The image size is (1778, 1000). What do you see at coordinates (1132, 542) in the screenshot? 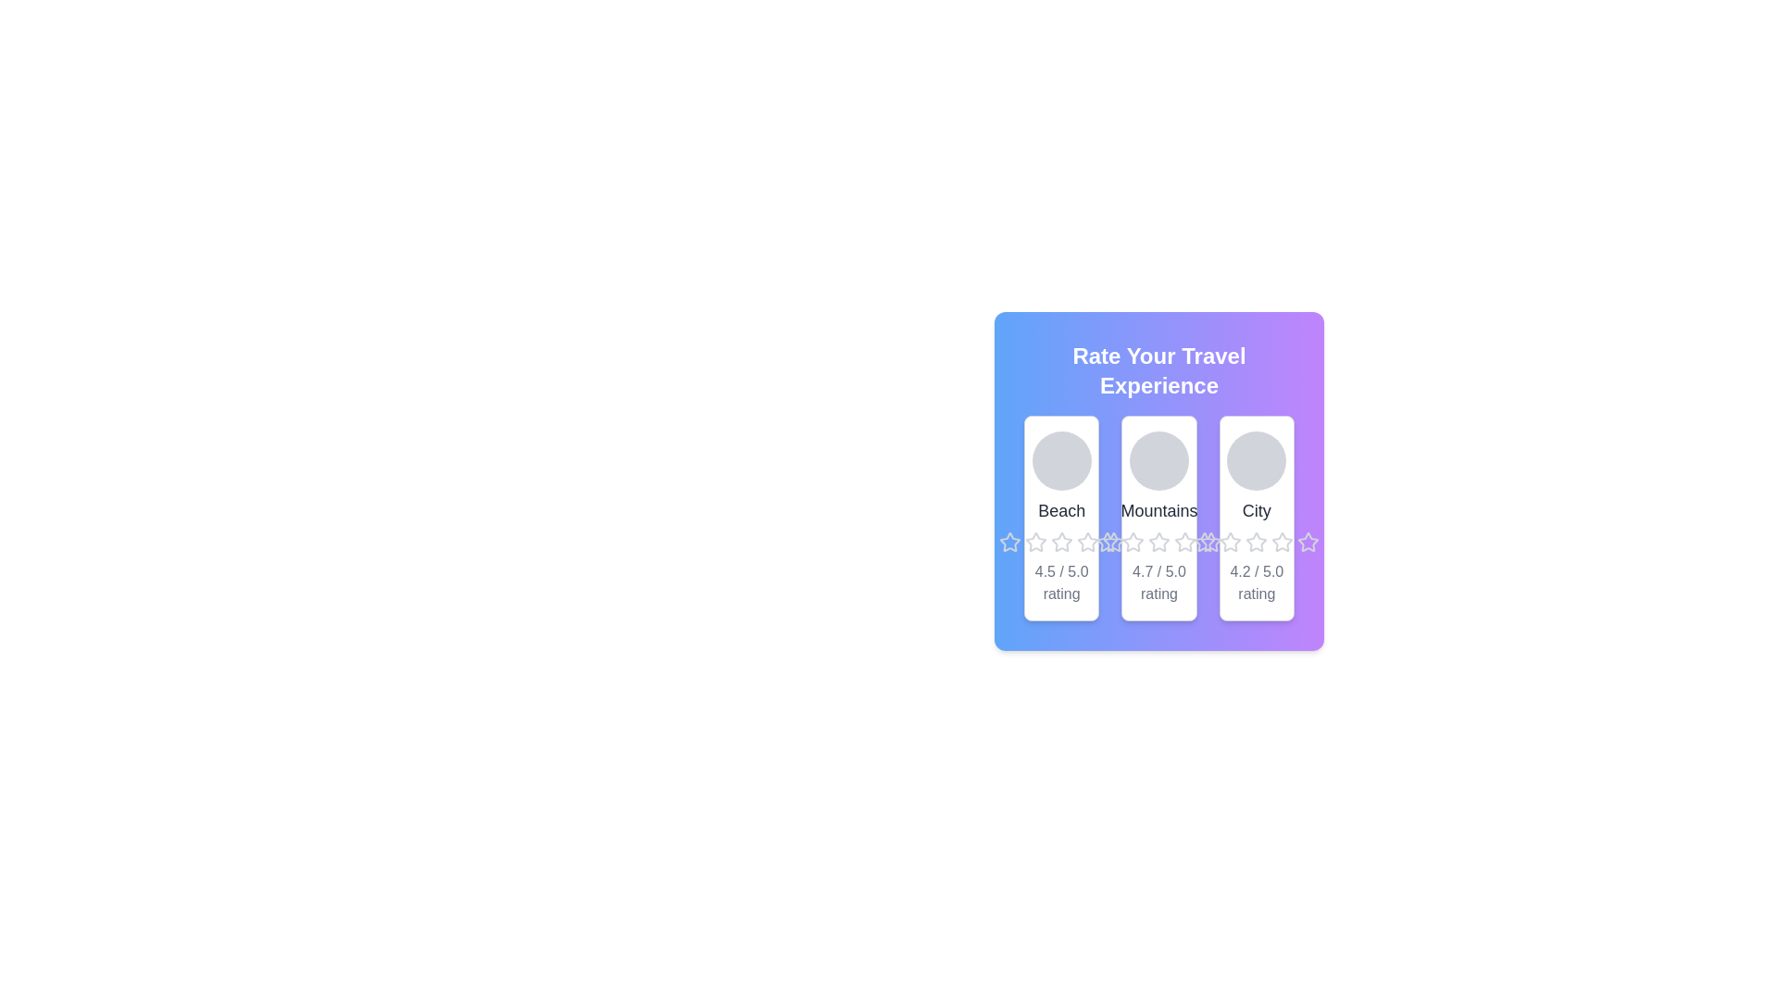
I see `the third star in the rating section of the 'Mountains' card` at bounding box center [1132, 542].